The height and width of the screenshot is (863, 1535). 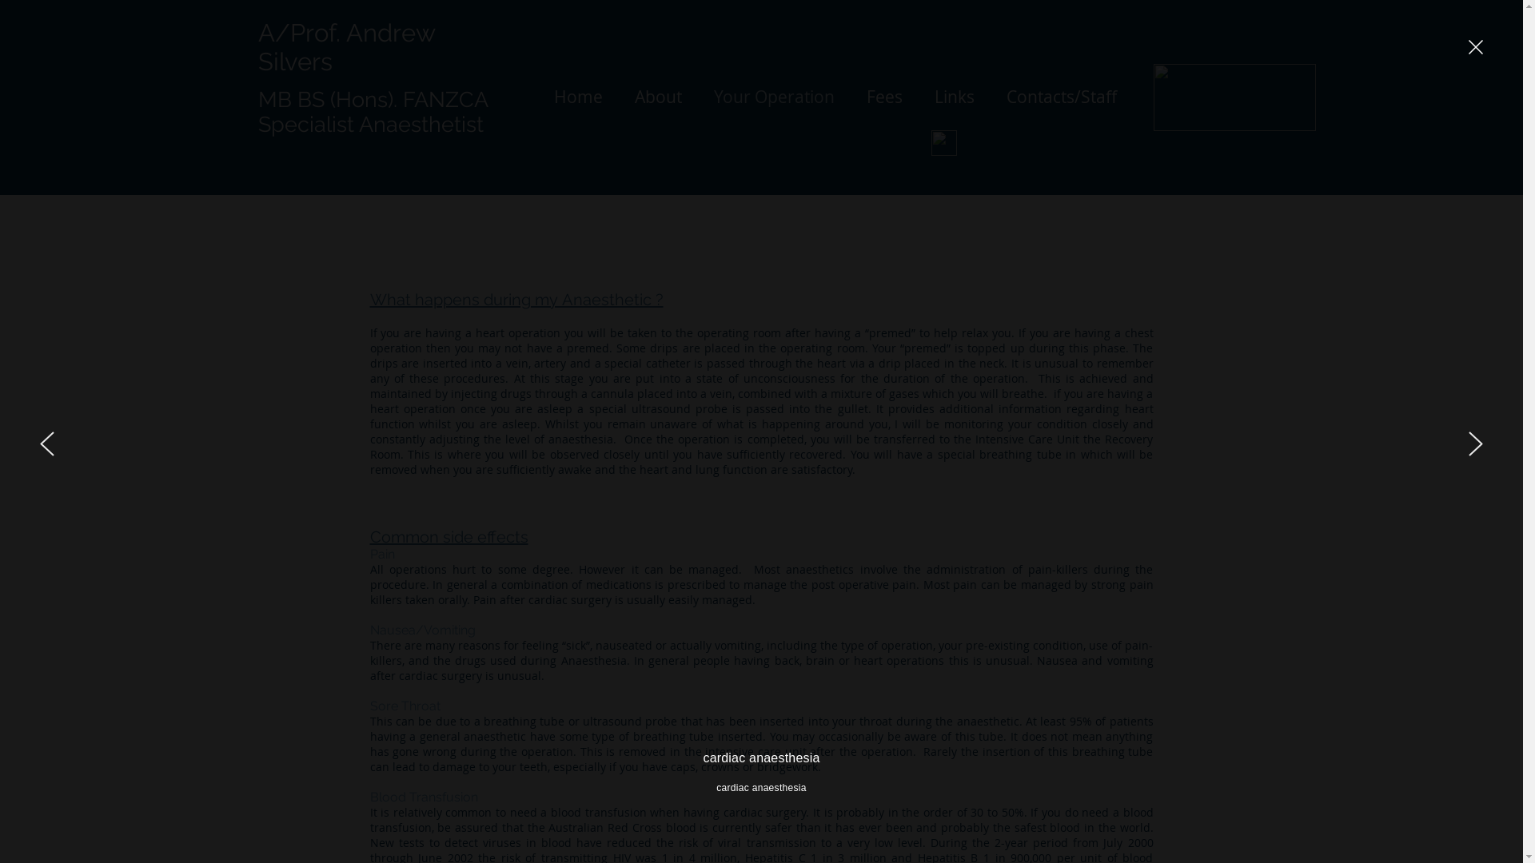 What do you see at coordinates (576, 96) in the screenshot?
I see `'Home'` at bounding box center [576, 96].